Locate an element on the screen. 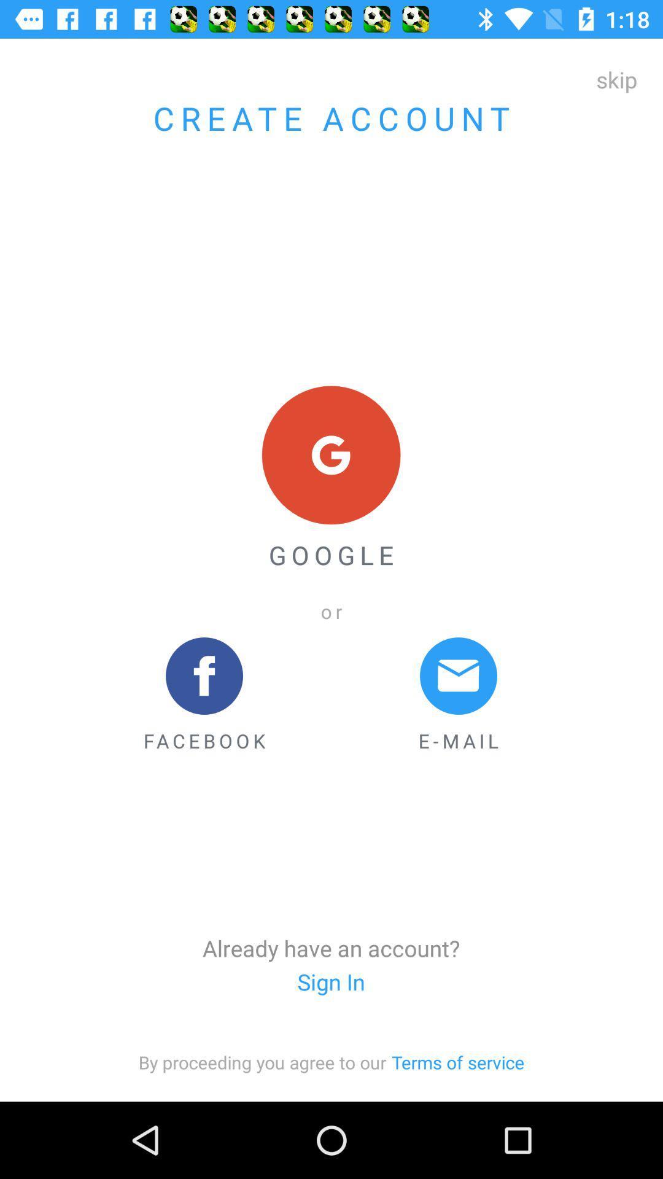  the icon next to create account icon is located at coordinates (616, 79).